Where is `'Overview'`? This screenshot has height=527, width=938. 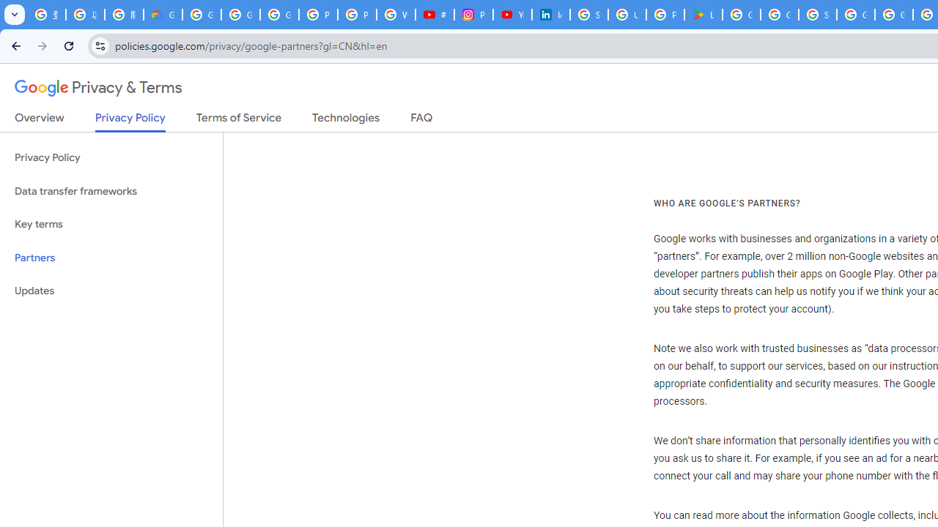
'Overview' is located at coordinates (40, 120).